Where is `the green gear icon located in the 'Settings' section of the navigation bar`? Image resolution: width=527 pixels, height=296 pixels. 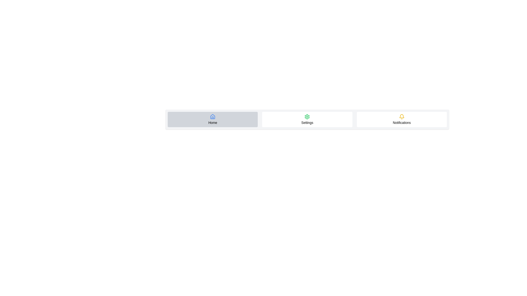 the green gear icon located in the 'Settings' section of the navigation bar is located at coordinates (307, 116).